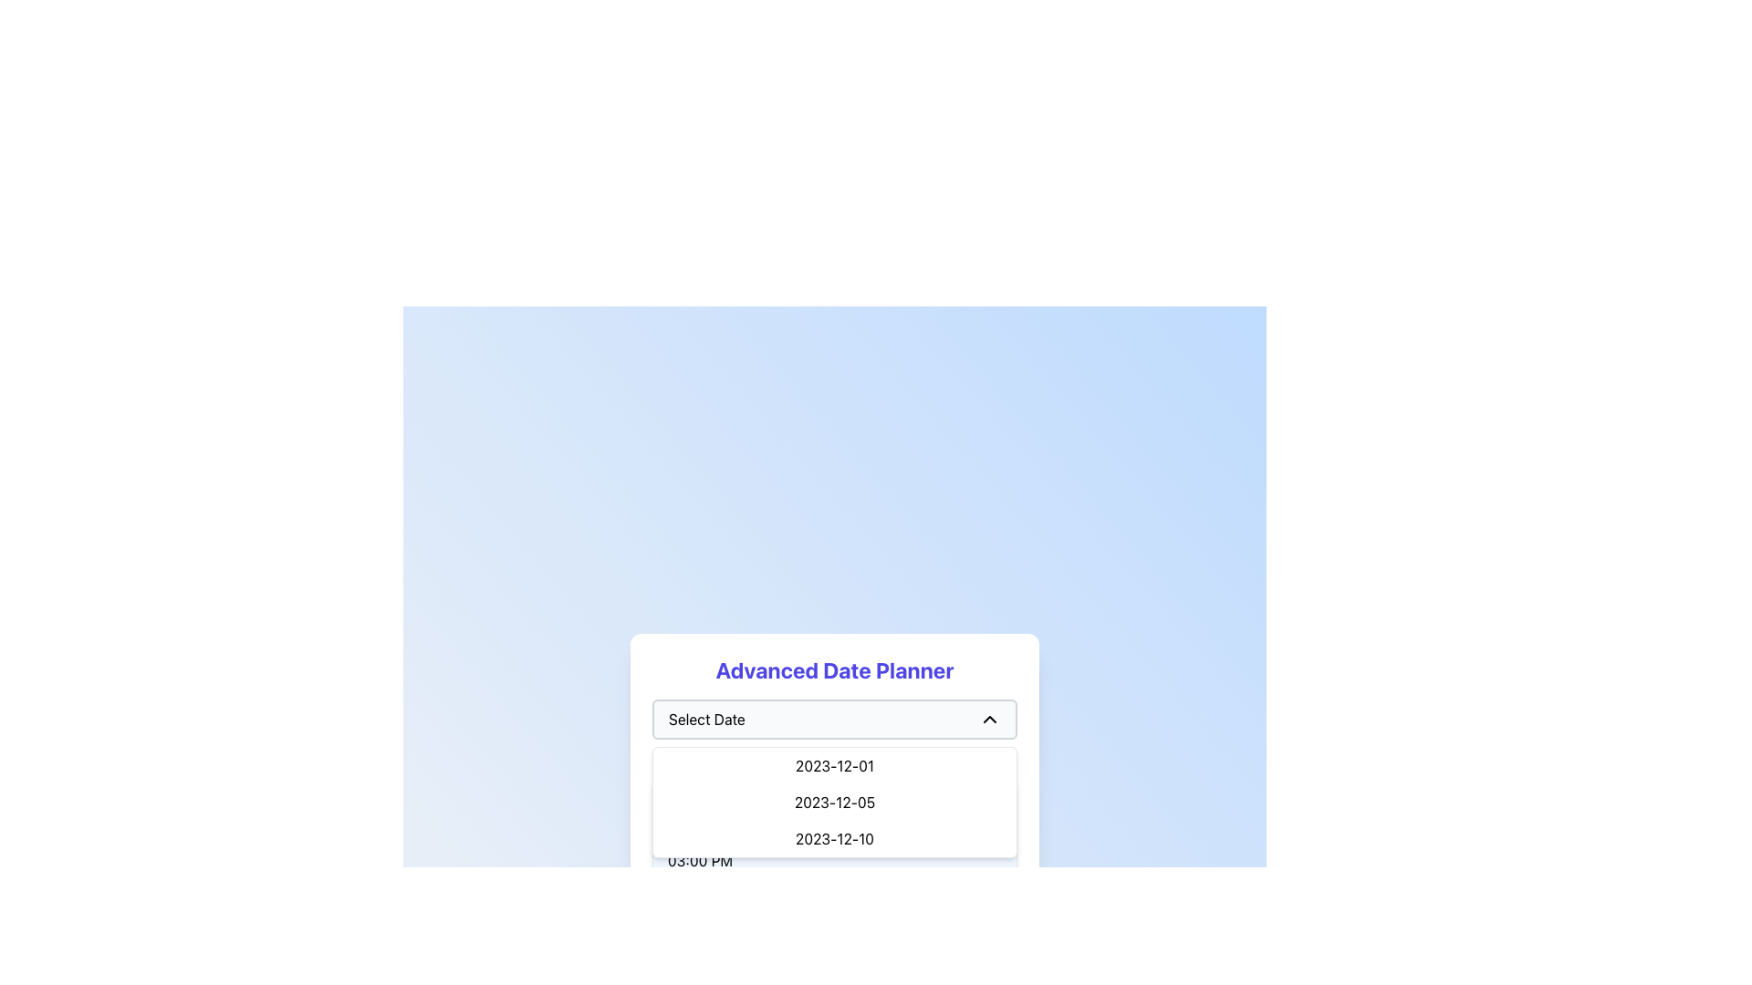 The width and height of the screenshot is (1752, 985). I want to click on the selectable date option '2023-12-10' in the dropdown menu under 'Advanced Date Planner', so click(834, 839).